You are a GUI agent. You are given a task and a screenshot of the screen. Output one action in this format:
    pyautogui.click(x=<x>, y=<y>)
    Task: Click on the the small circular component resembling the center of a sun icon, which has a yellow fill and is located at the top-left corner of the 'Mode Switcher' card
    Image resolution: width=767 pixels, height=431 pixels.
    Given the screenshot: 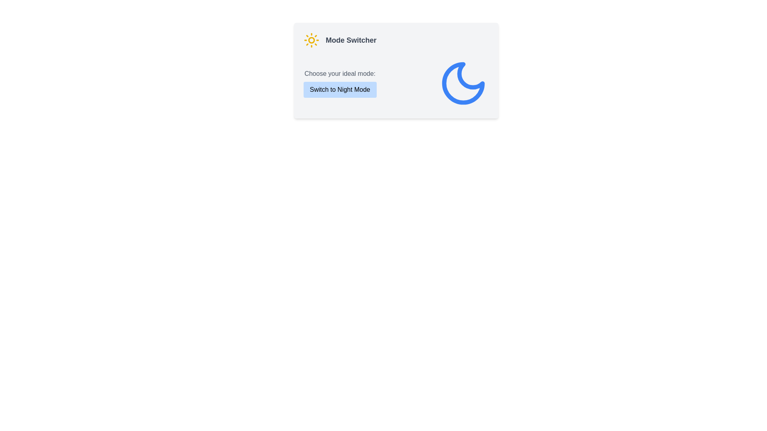 What is the action you would take?
    pyautogui.click(x=311, y=40)
    